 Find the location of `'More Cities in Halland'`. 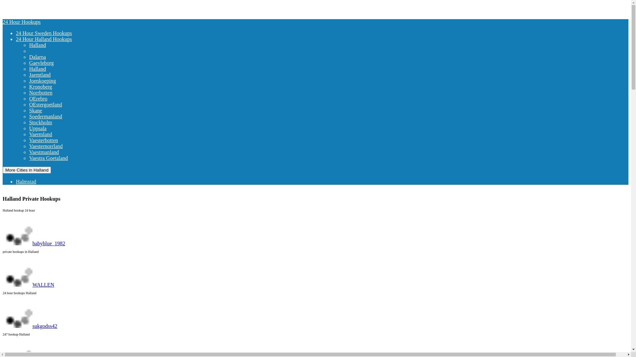

'More Cities in Halland' is located at coordinates (26, 170).